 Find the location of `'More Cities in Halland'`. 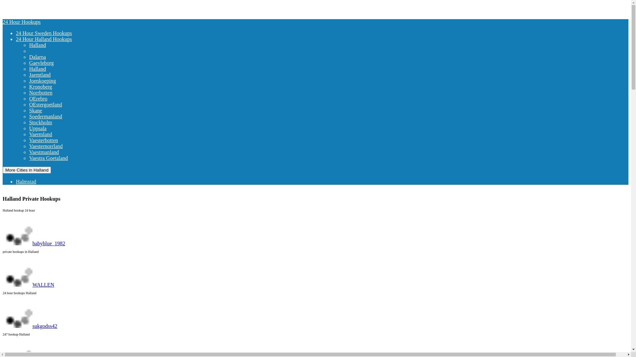

'More Cities in Halland' is located at coordinates (26, 170).